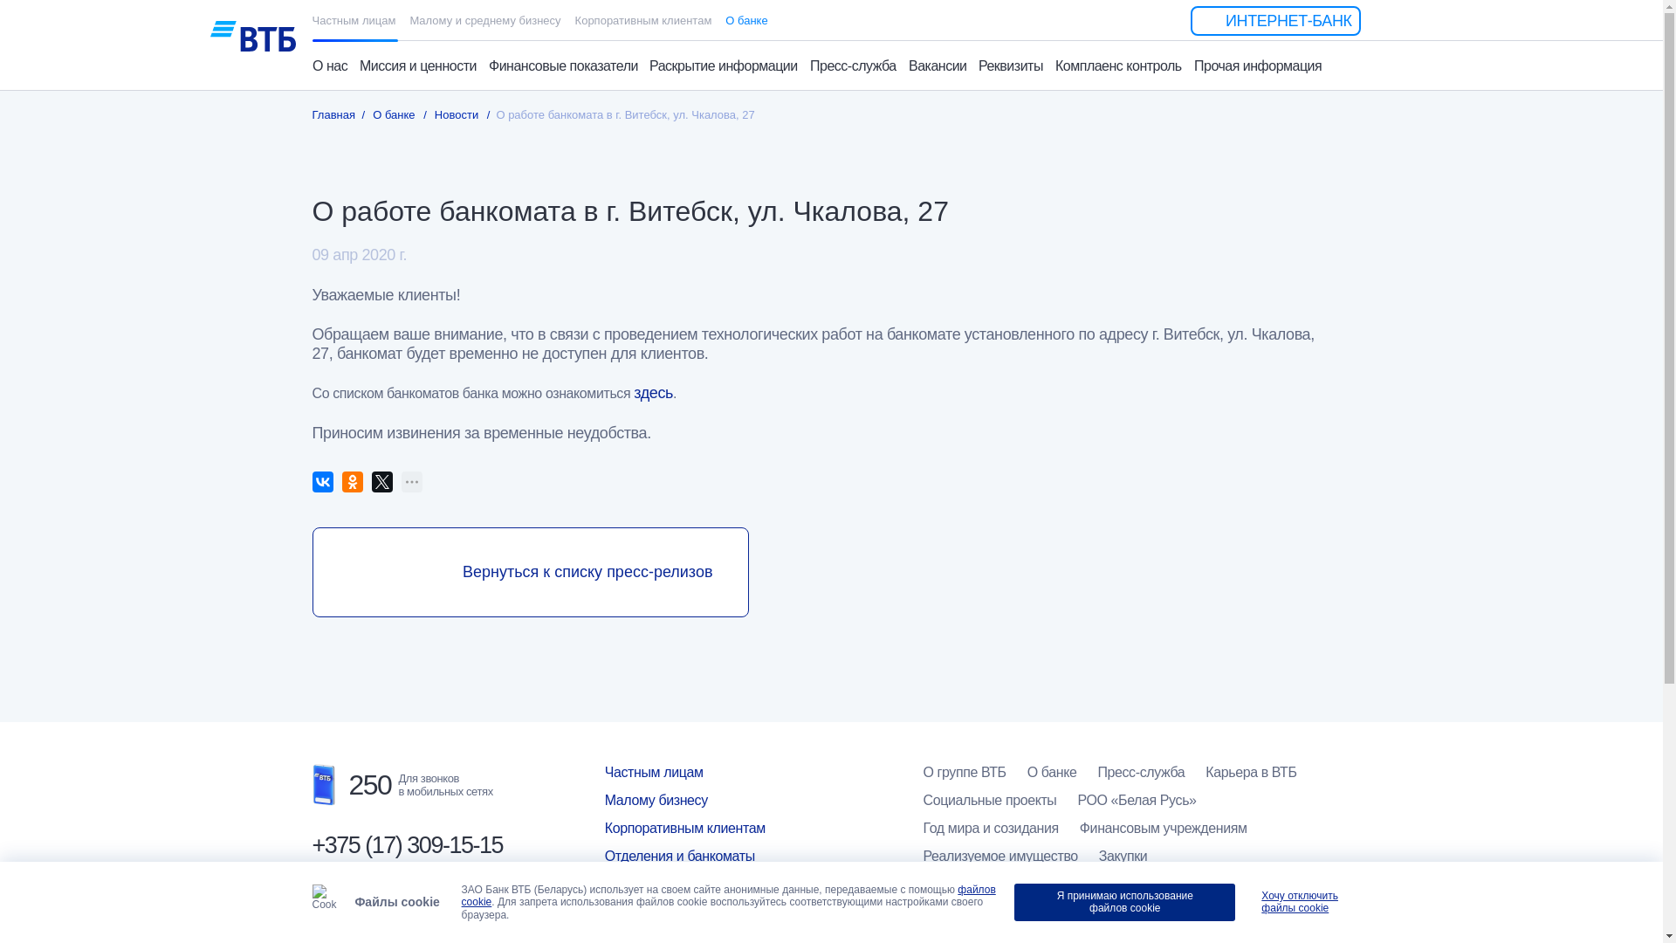 The height and width of the screenshot is (943, 1676). Describe the element at coordinates (406, 878) in the screenshot. I see `'+375 (29) 309-15-15'` at that location.